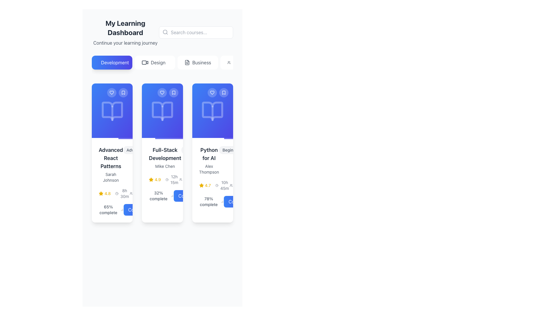 Image resolution: width=556 pixels, height=313 pixels. I want to click on the navigation button for Design, which is the second button from the left among the horizontally aligned buttons, so click(155, 63).